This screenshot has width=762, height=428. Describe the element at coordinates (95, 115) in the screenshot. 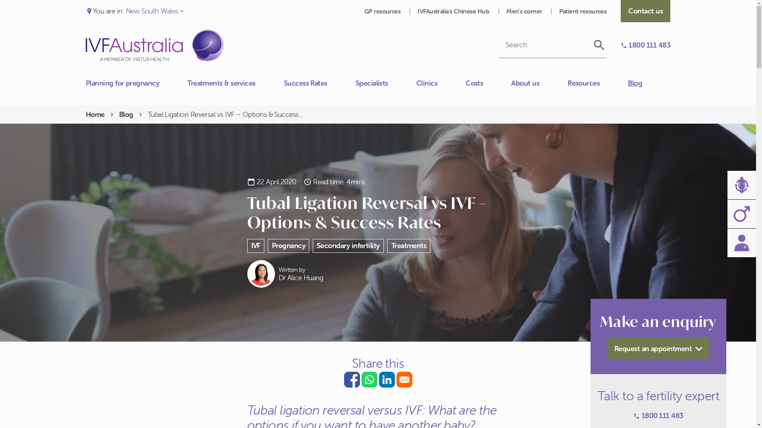

I see `'Home'` at that location.